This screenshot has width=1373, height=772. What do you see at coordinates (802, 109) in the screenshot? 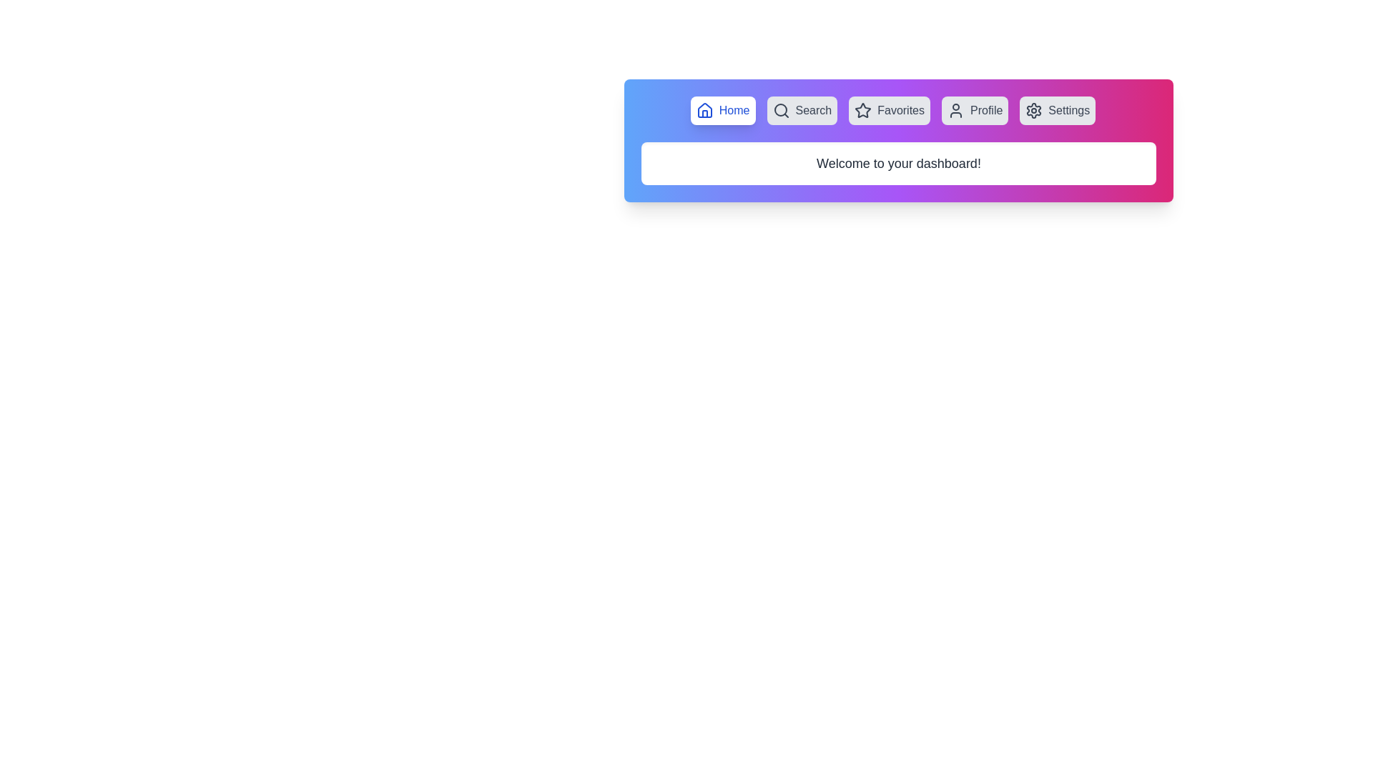
I see `the search feature trigger button, which is the second button from the left in the horizontal navigation bar, located between the 'Home' and 'Favorites' buttons` at bounding box center [802, 109].